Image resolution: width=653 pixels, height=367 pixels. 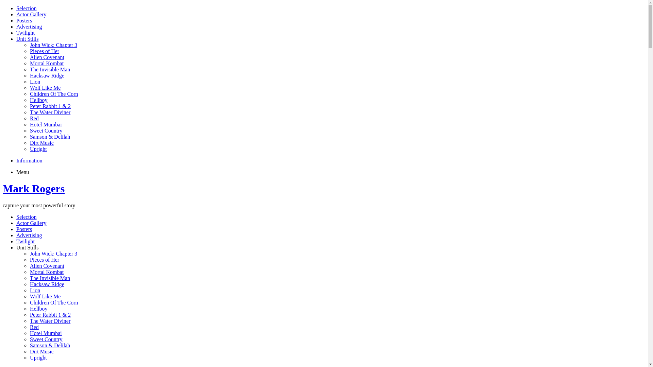 I want to click on 'Children Of The Corn', so click(x=53, y=302).